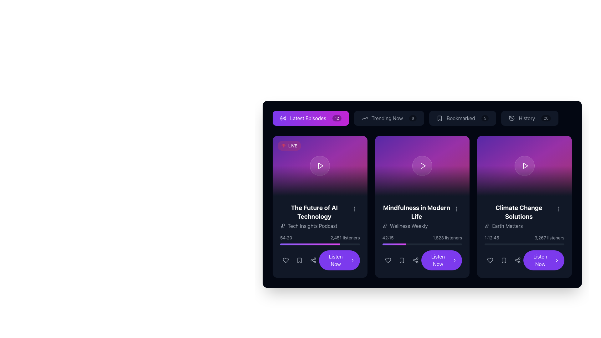  What do you see at coordinates (402, 260) in the screenshot?
I see `the bookmark icon located` at bounding box center [402, 260].